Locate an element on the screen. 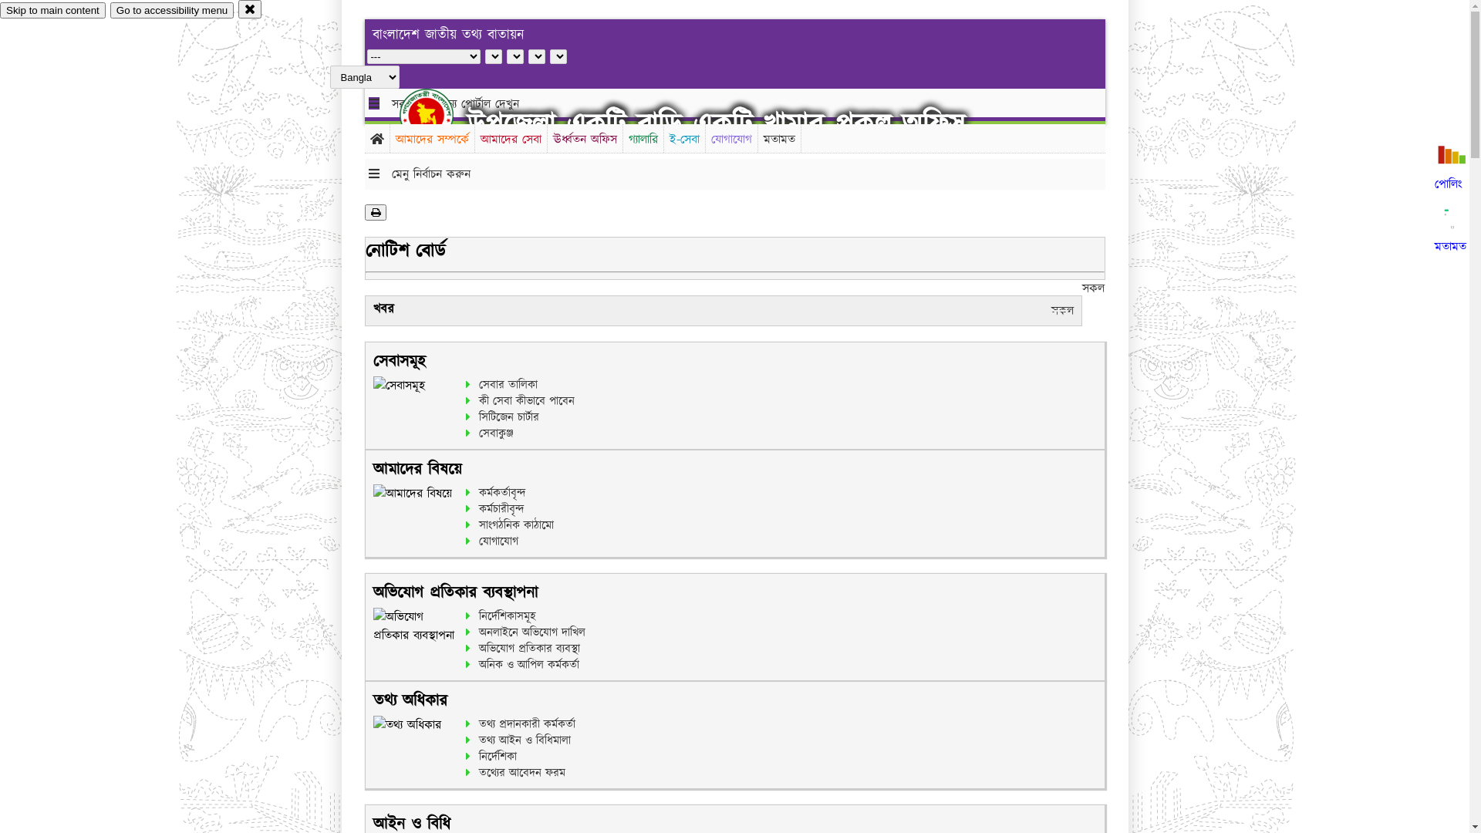  'close' is located at coordinates (250, 8).